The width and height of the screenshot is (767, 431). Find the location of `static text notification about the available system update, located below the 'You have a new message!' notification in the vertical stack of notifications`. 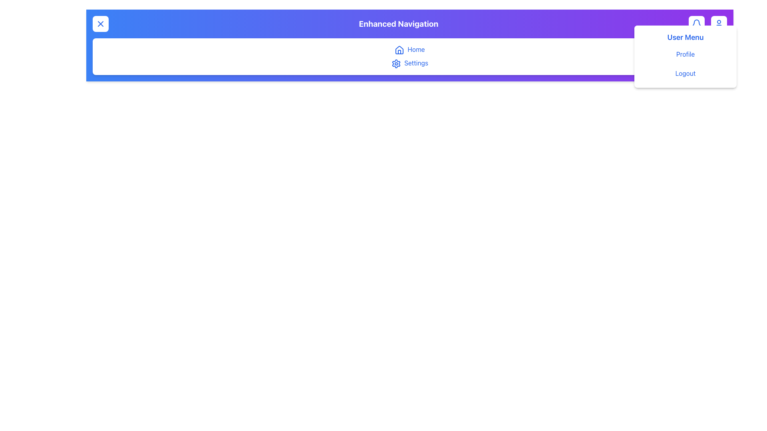

static text notification about the available system update, located below the 'You have a new message!' notification in the vertical stack of notifications is located at coordinates (685, 73).